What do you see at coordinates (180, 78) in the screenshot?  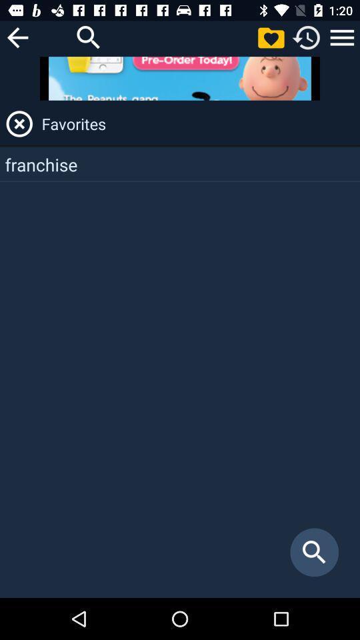 I see `item above favorites item` at bounding box center [180, 78].